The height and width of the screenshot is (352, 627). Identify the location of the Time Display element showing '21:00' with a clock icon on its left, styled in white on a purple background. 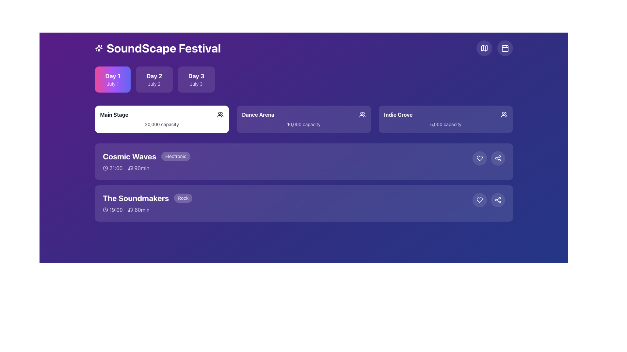
(112, 168).